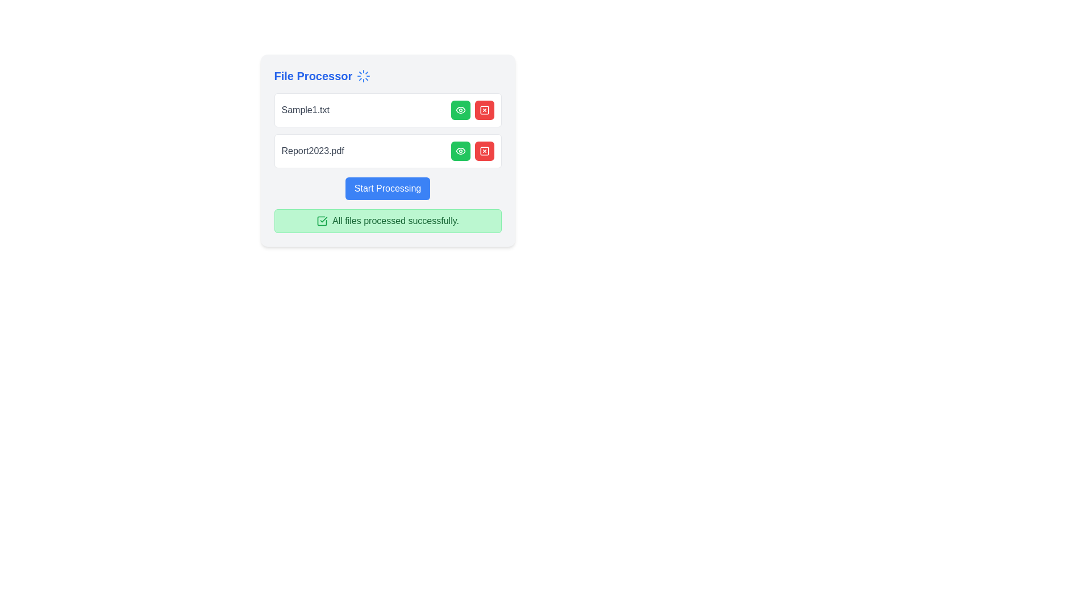 The image size is (1091, 614). What do you see at coordinates (305, 110) in the screenshot?
I see `the static text label displaying the filename 'Sample1.txt' in dark gray color, located near the top-left of the interface within a rectangular card` at bounding box center [305, 110].